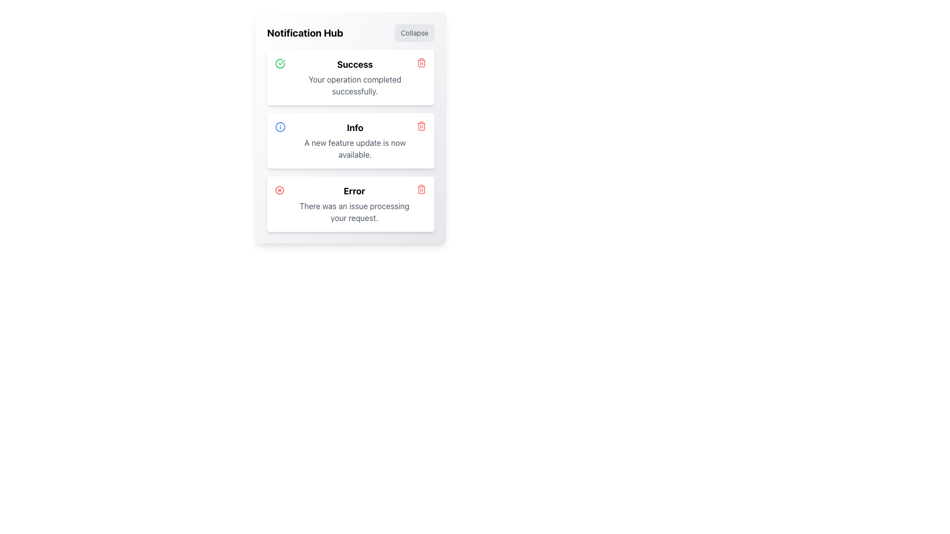 This screenshot has height=534, width=950. Describe the element at coordinates (280, 127) in the screenshot. I see `the informational icon located in the second notification box labeled 'Info', which contains the text 'A new feature update is now available.'` at that location.